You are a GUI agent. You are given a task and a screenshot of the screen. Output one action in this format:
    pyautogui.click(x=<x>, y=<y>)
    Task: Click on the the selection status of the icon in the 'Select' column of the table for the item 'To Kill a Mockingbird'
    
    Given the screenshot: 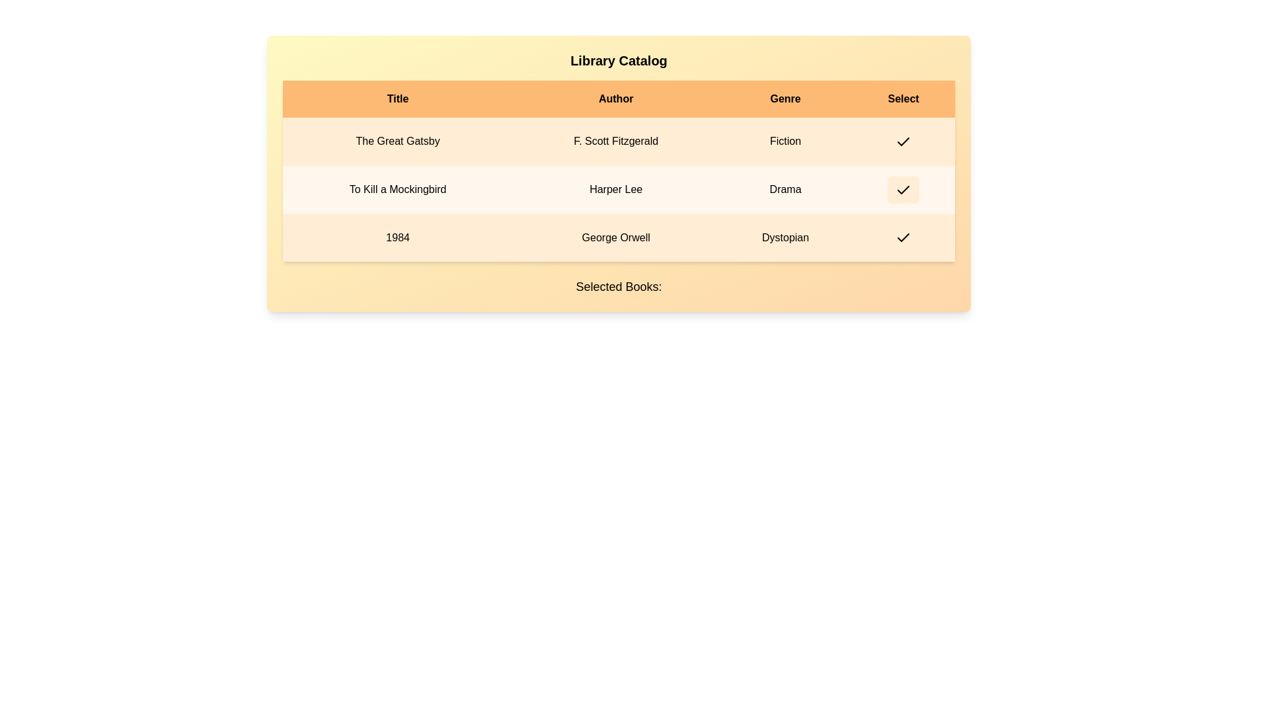 What is the action you would take?
    pyautogui.click(x=903, y=190)
    